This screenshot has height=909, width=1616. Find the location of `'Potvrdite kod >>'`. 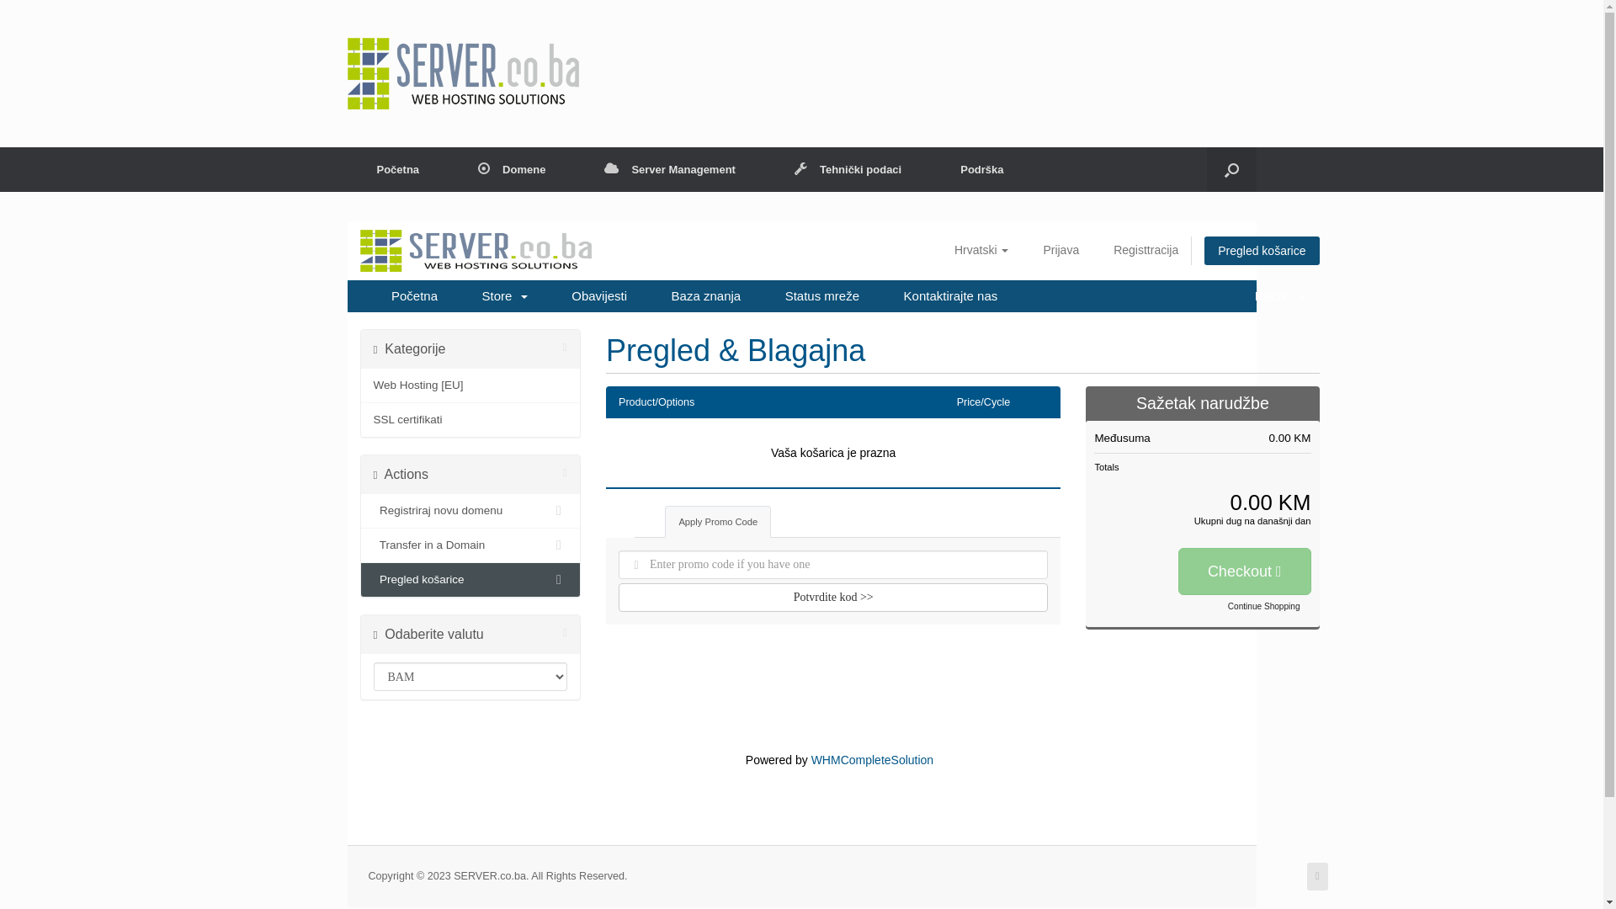

'Potvrdite kod >>' is located at coordinates (832, 596).